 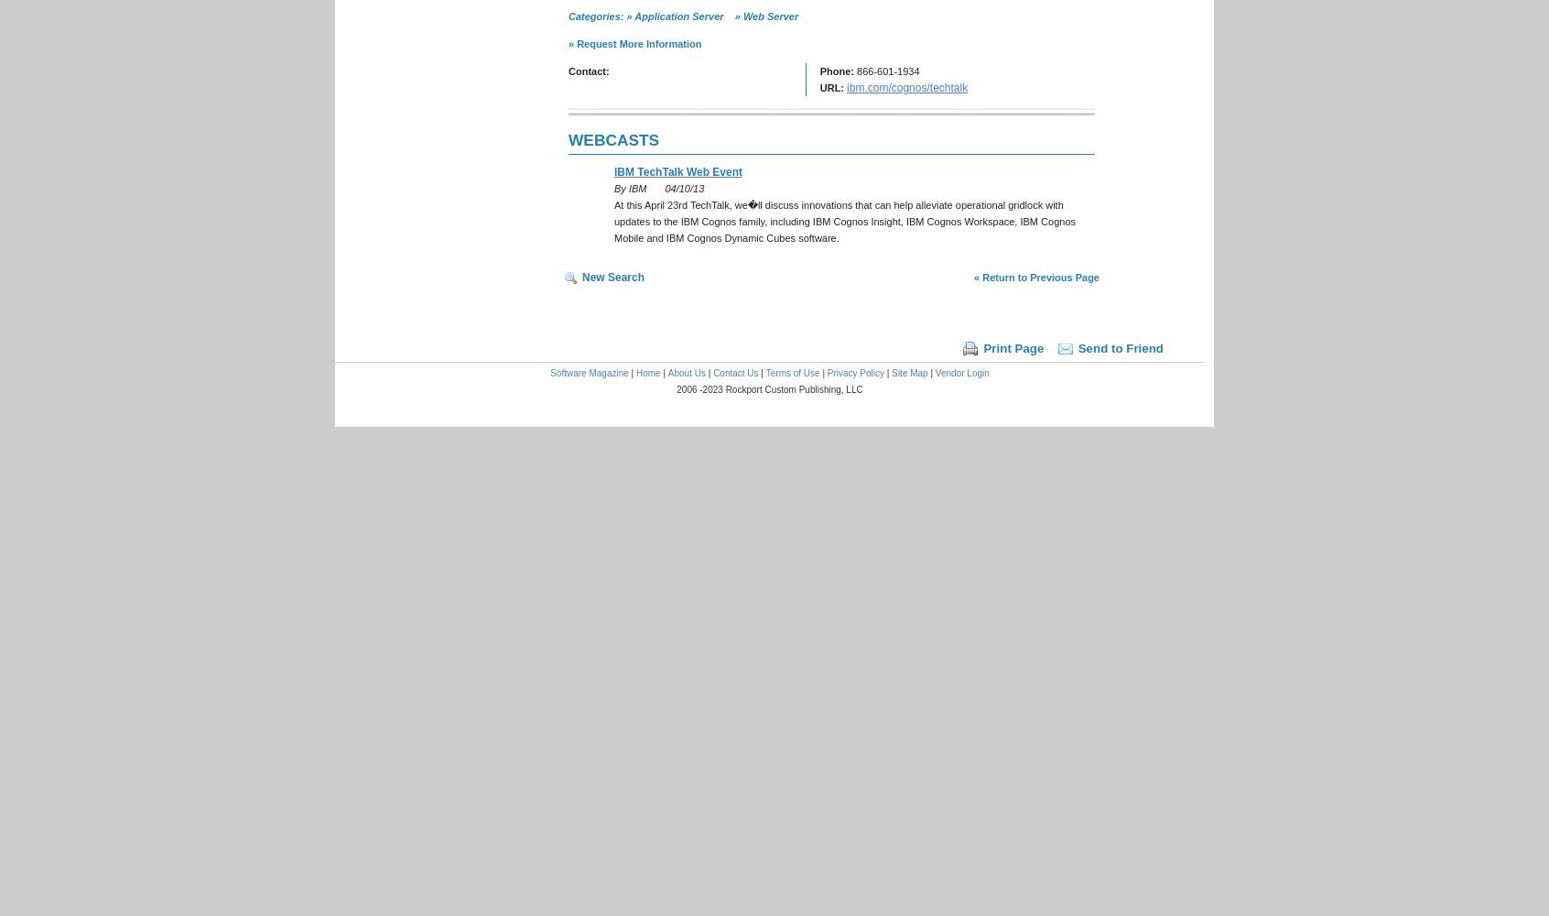 I want to click on 'Send to Friend', so click(x=1120, y=348).